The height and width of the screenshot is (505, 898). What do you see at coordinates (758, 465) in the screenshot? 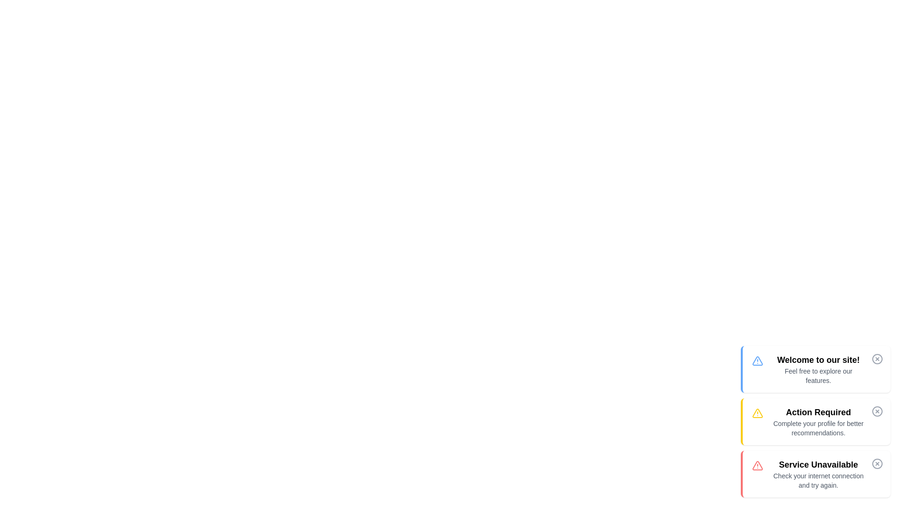
I see `the alert icon located in the notification box at the bottom left, which signals a warning or alert` at bounding box center [758, 465].